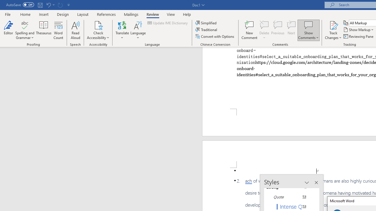 This screenshot has height=211, width=376. What do you see at coordinates (43, 30) in the screenshot?
I see `'Thesaurus...'` at bounding box center [43, 30].